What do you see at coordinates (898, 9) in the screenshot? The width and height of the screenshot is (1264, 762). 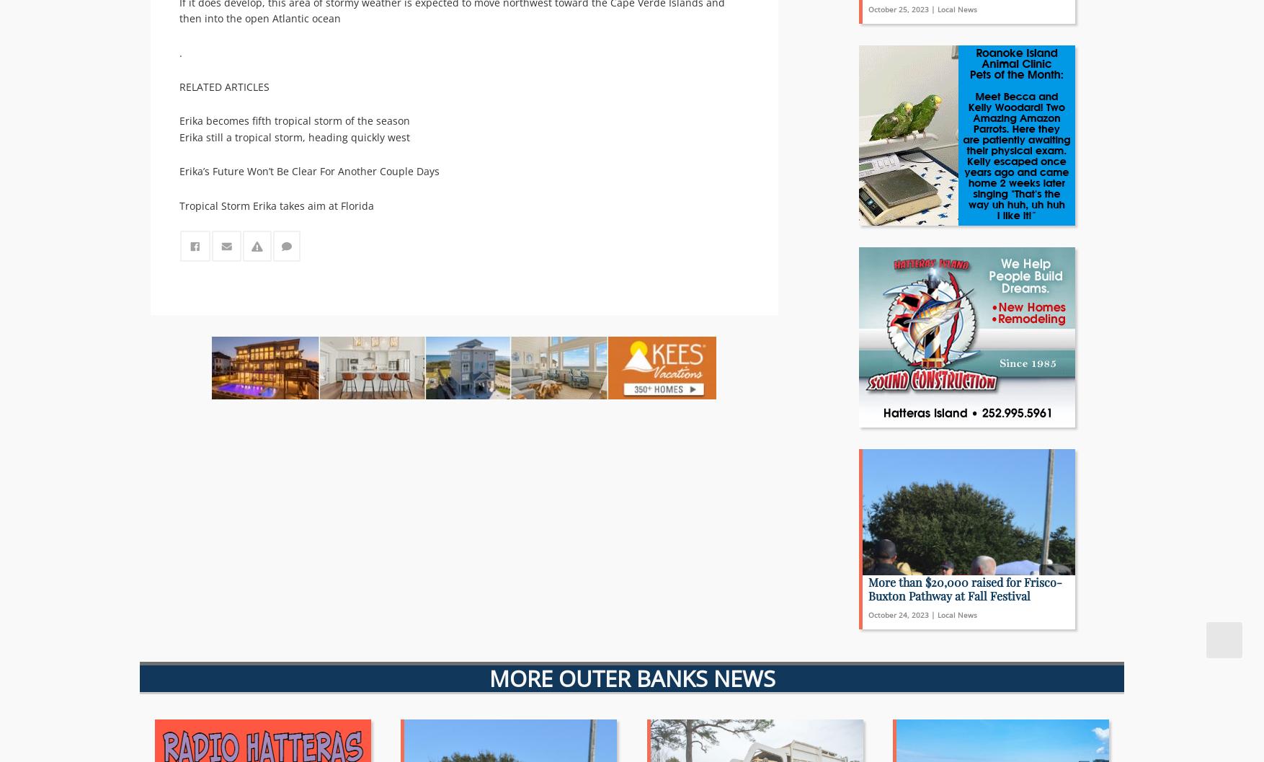 I see `'October 25, 2023'` at bounding box center [898, 9].